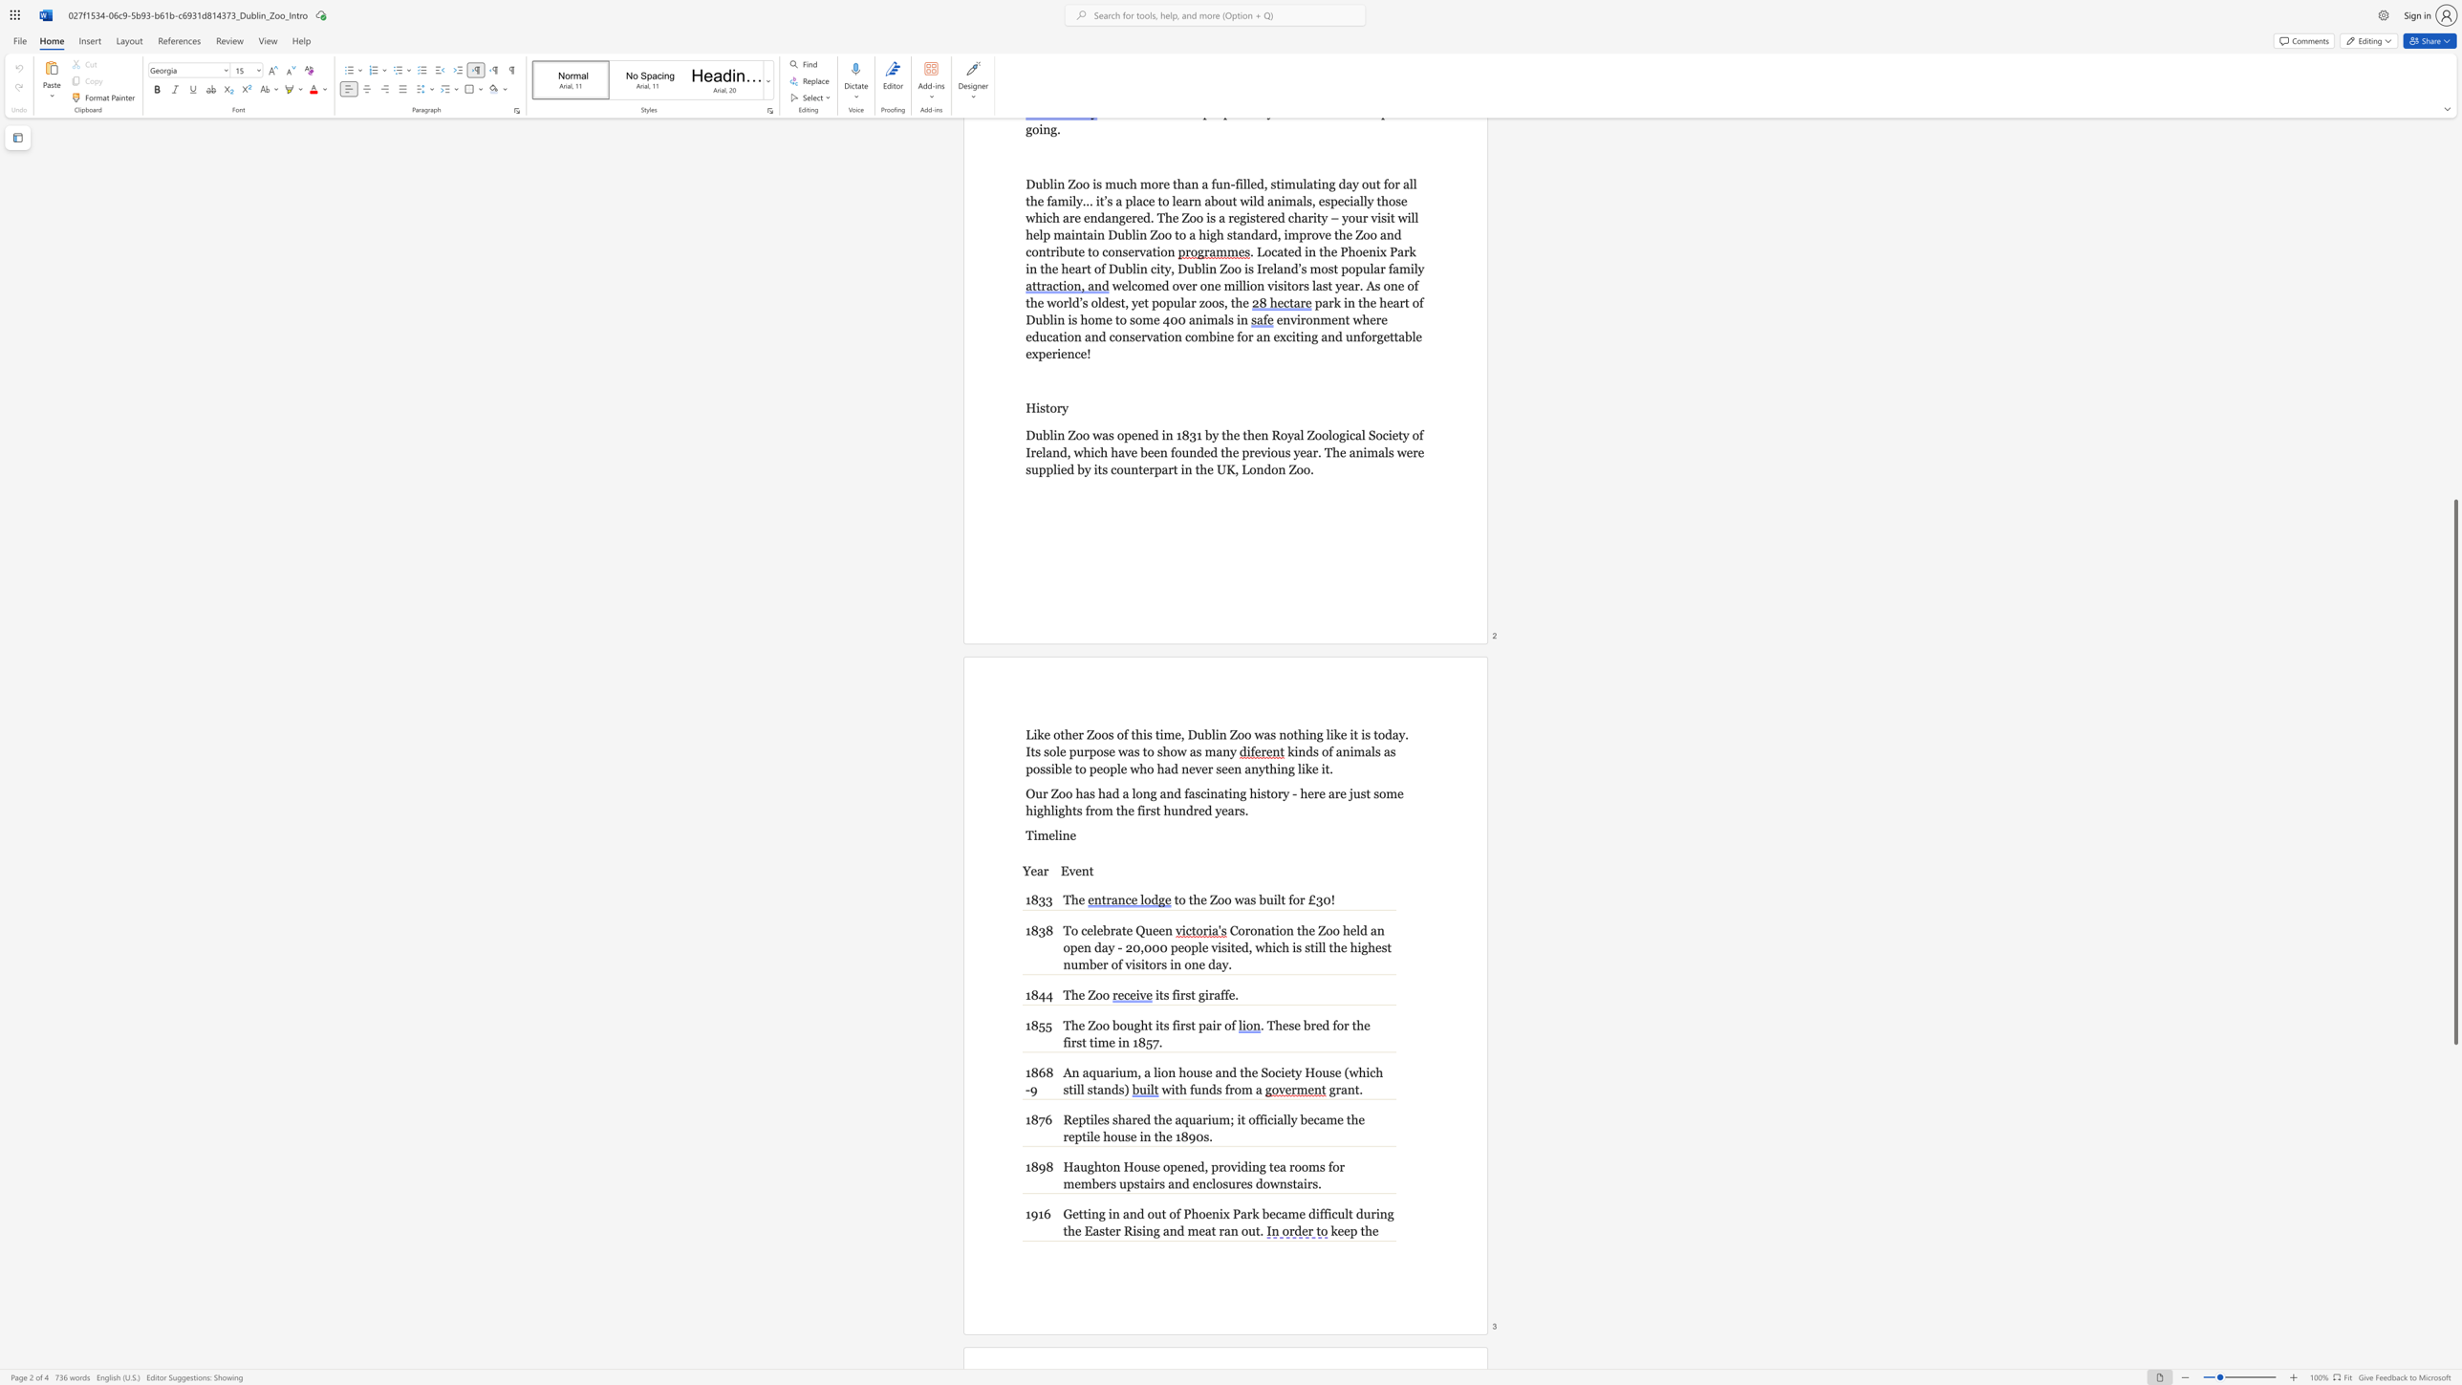 The height and width of the screenshot is (1385, 2462). Describe the element at coordinates (1097, 1041) in the screenshot. I see `the subset text "me in 1857" within the text ". These bred for the first time in 1857."` at that location.